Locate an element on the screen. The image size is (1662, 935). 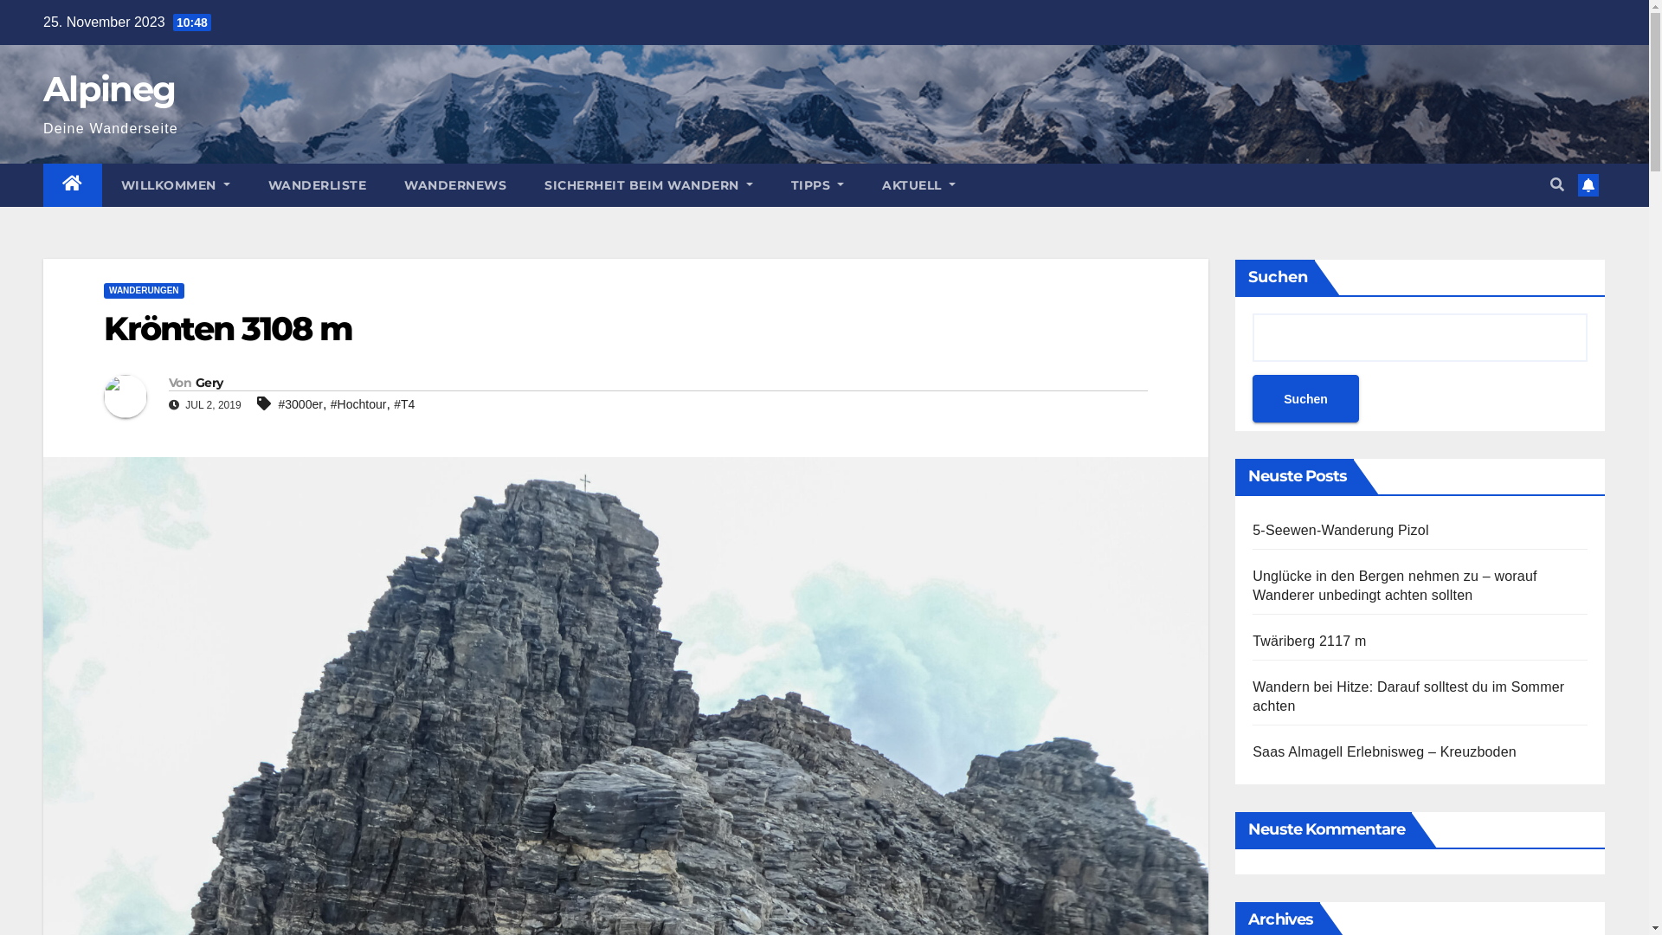
'#3000er' is located at coordinates (300, 403).